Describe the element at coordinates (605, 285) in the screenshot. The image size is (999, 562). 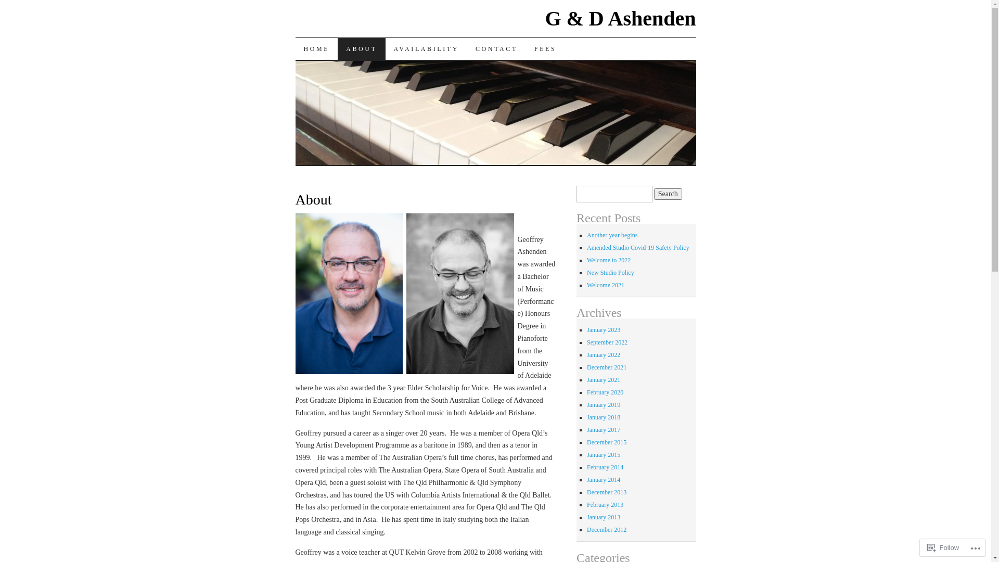
I see `'Welcome 2021'` at that location.